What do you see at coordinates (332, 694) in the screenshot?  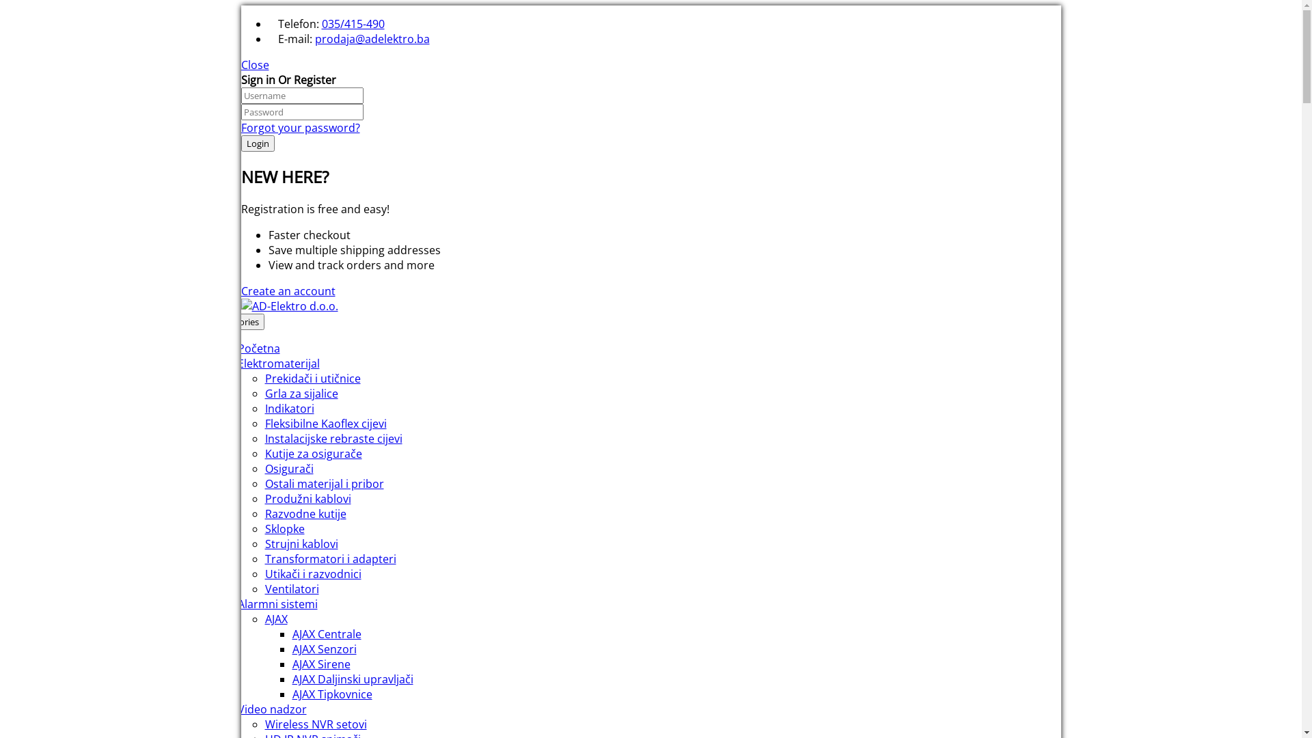 I see `'AJAX Tipkovnice'` at bounding box center [332, 694].